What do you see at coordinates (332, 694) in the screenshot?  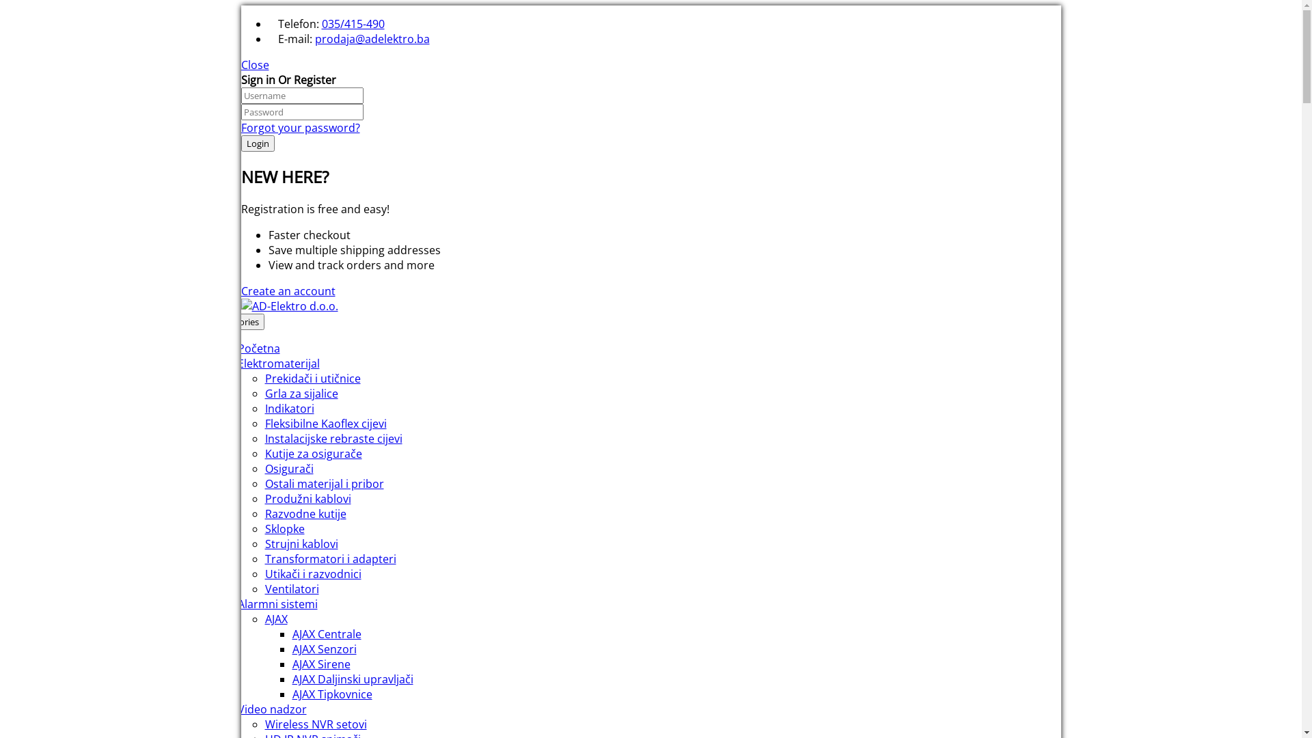 I see `'AJAX Tipkovnice'` at bounding box center [332, 694].